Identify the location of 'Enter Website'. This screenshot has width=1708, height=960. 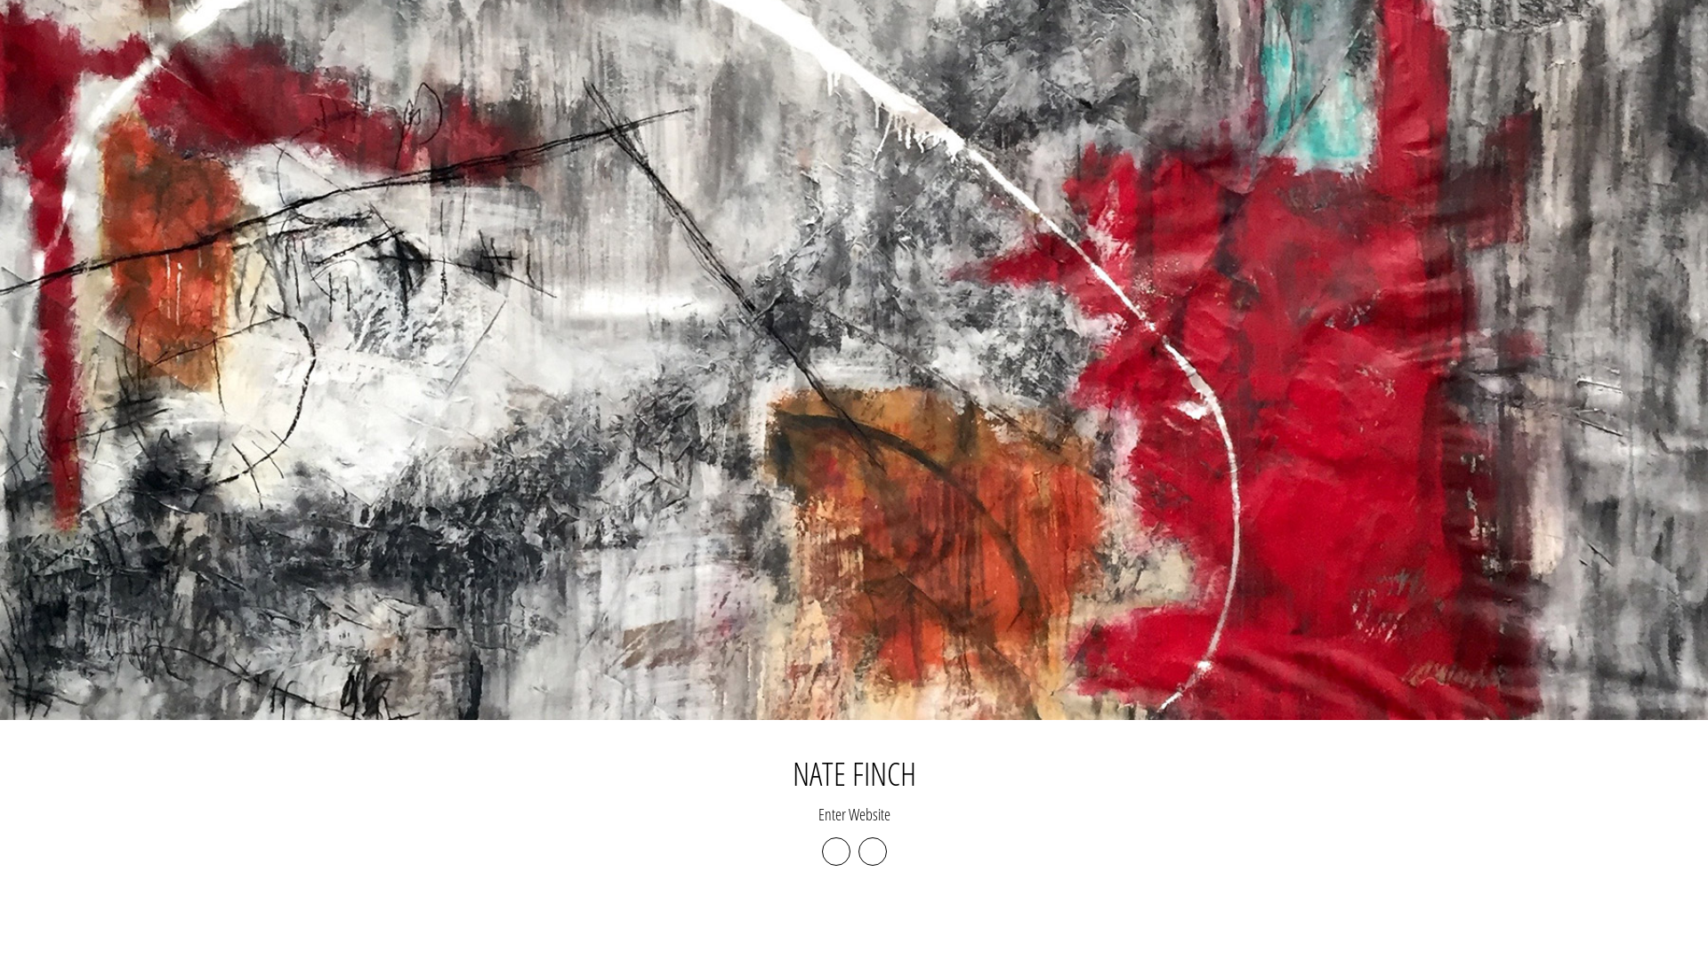
(818, 814).